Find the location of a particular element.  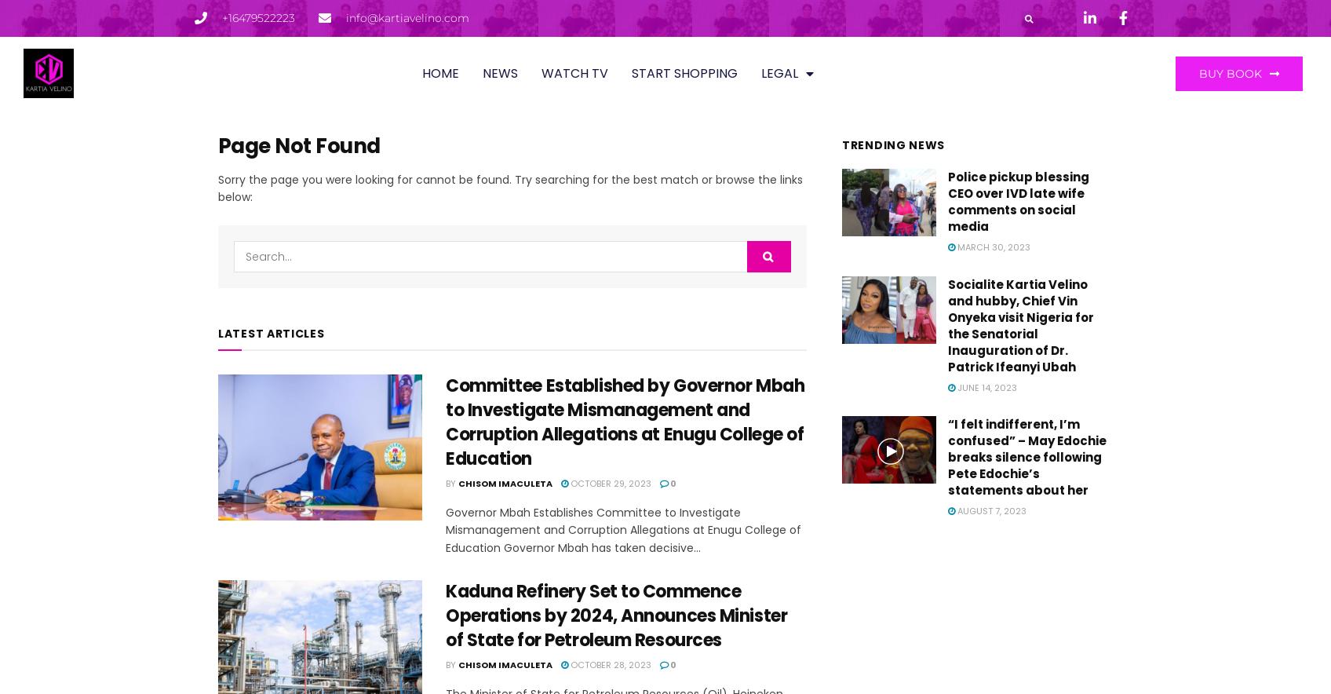

'info@kartiavelino.com' is located at coordinates (407, 17).